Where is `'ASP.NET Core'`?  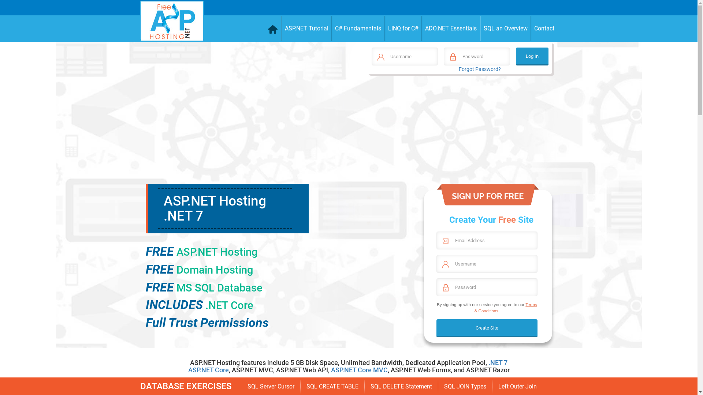 'ASP.NET Core' is located at coordinates (208, 370).